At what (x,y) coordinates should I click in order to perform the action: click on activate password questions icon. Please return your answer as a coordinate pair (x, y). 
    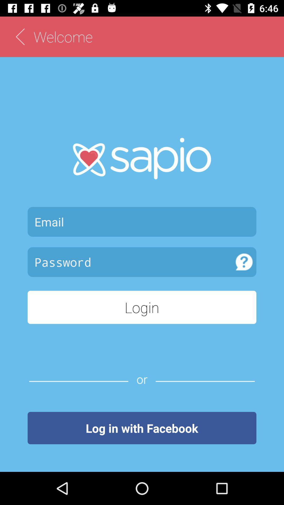
    Looking at the image, I should click on (244, 262).